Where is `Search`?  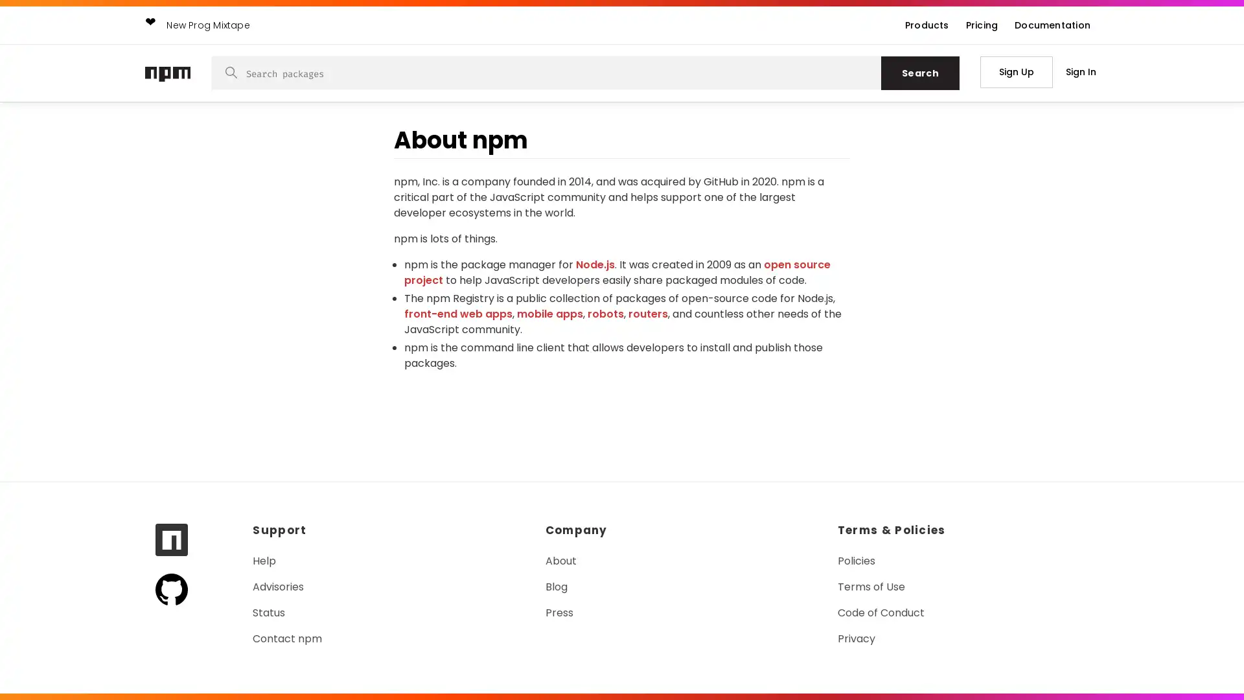 Search is located at coordinates (919, 73).